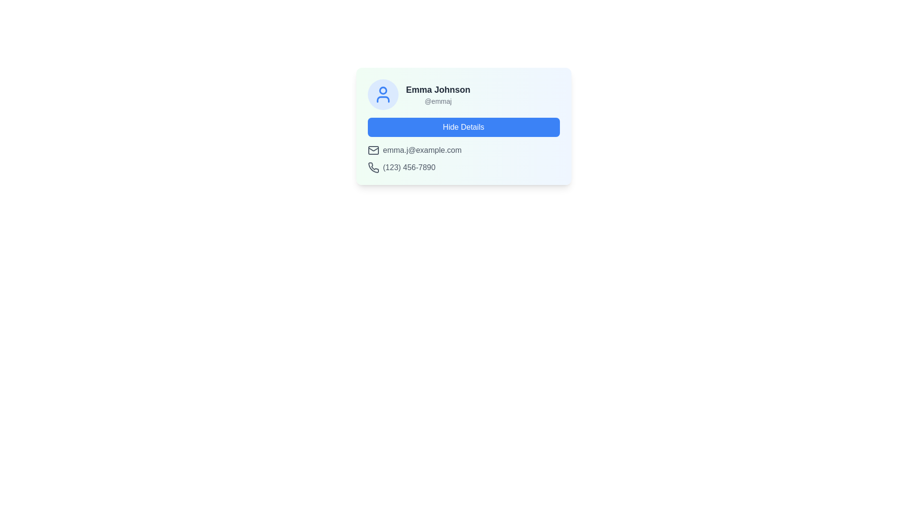 The image size is (922, 519). Describe the element at coordinates (373, 167) in the screenshot. I see `the phone icon that indicates the user's phone number, located to the left of the text '(123) 456-7890' in the contact section of the user details card` at that location.